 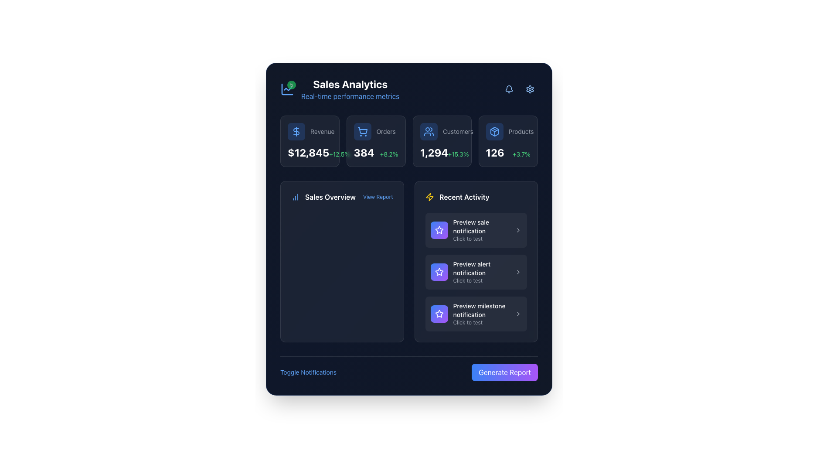 What do you see at coordinates (434, 152) in the screenshot?
I see `the Text display element showing the numeric value '1,294' in bold white font against a dark background, which is part of the 'Customers' information card` at bounding box center [434, 152].